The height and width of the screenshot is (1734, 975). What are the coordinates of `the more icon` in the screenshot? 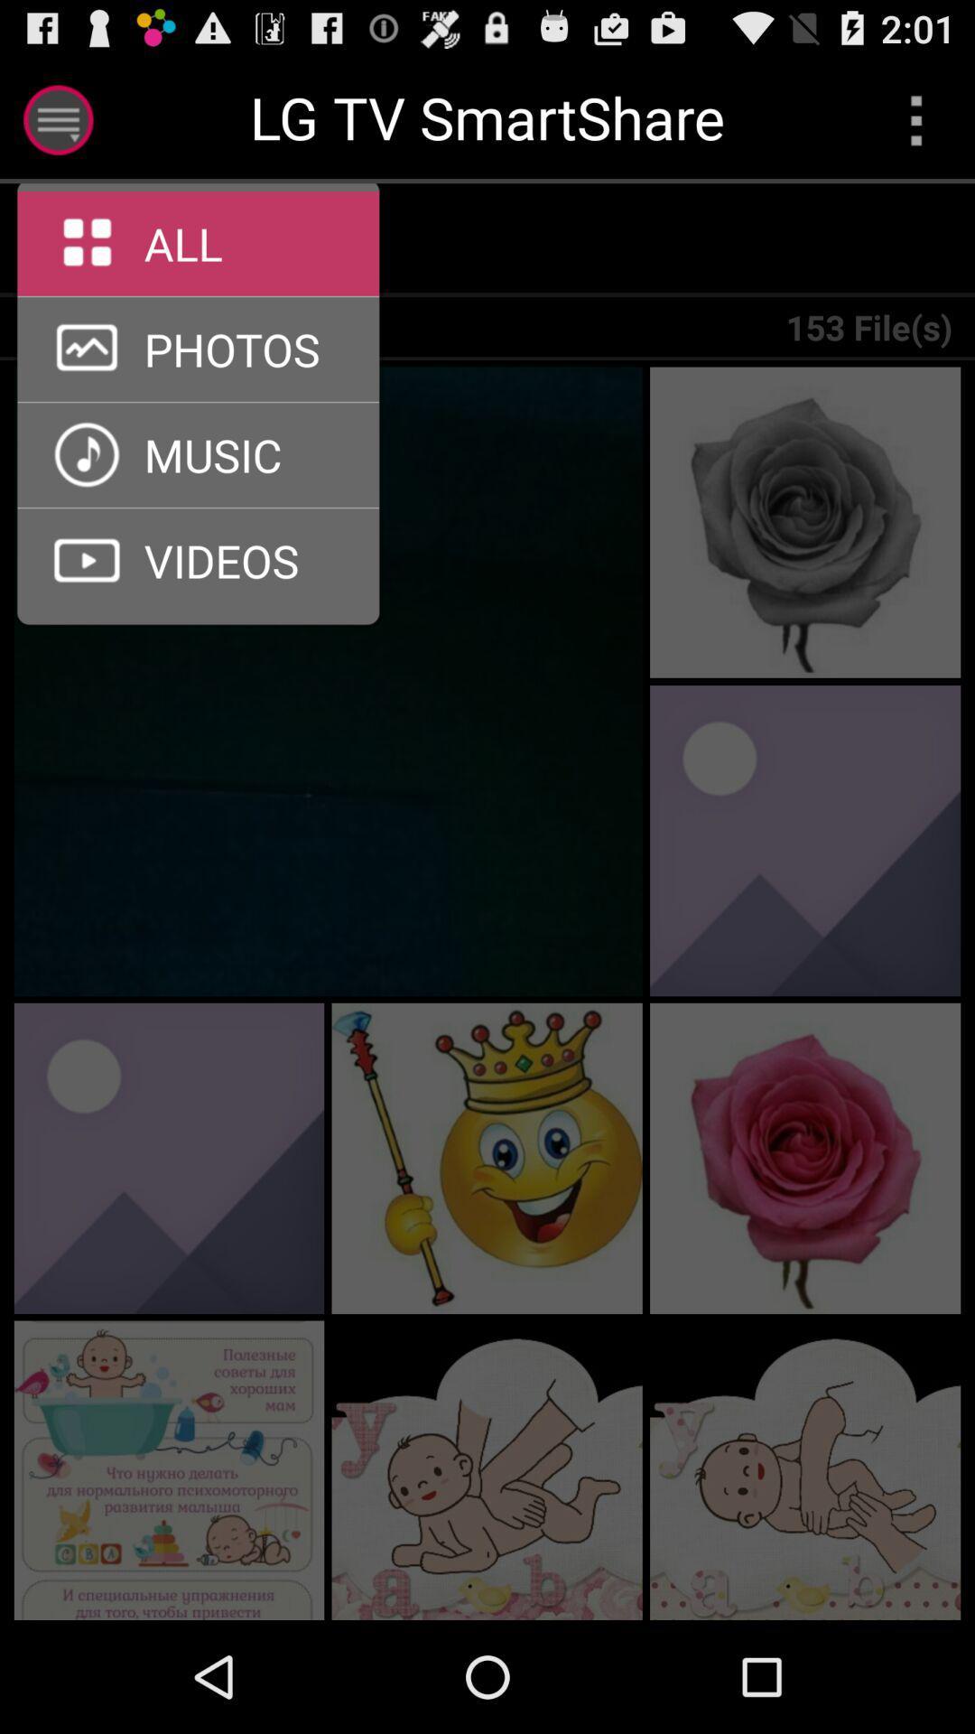 It's located at (916, 127).